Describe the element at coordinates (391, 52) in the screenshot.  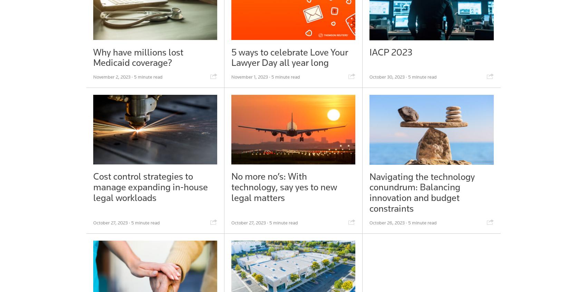
I see `'IACP 2023'` at that location.